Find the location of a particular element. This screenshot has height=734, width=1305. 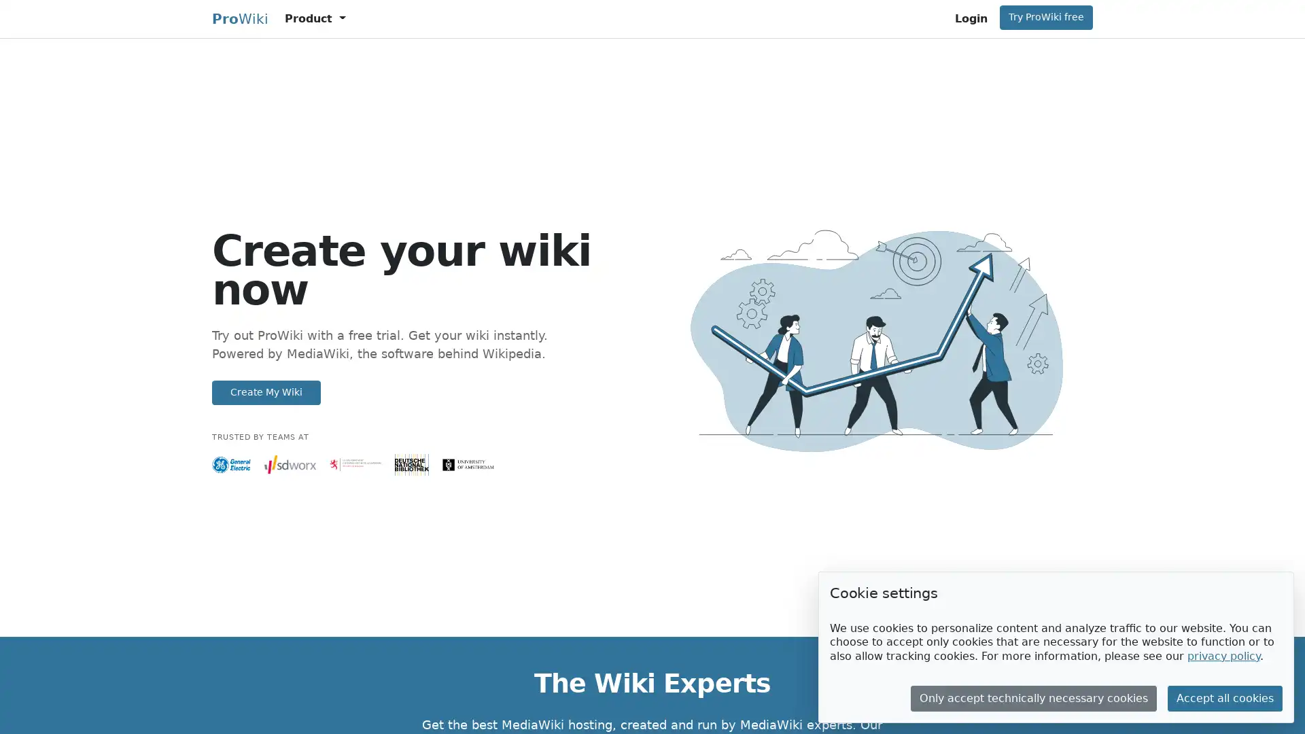

Product is located at coordinates (314, 18).